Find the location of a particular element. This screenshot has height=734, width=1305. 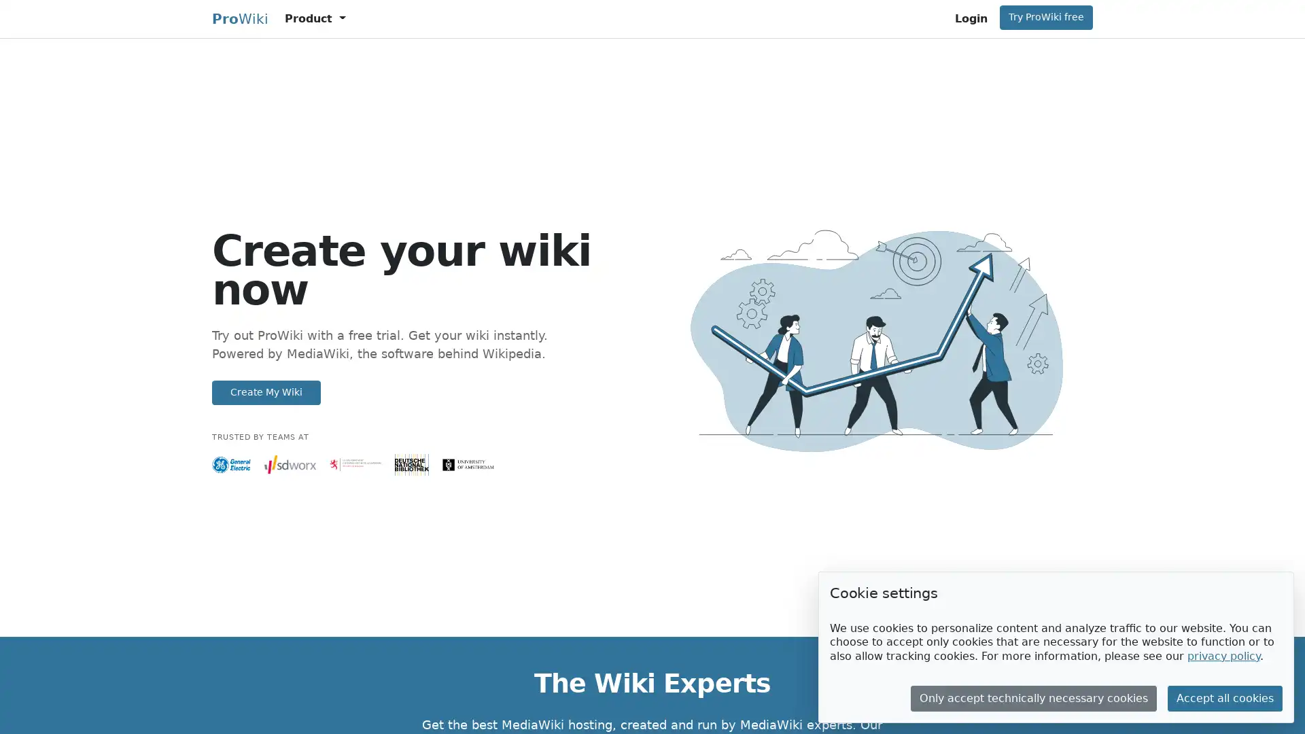

Product is located at coordinates (314, 18).